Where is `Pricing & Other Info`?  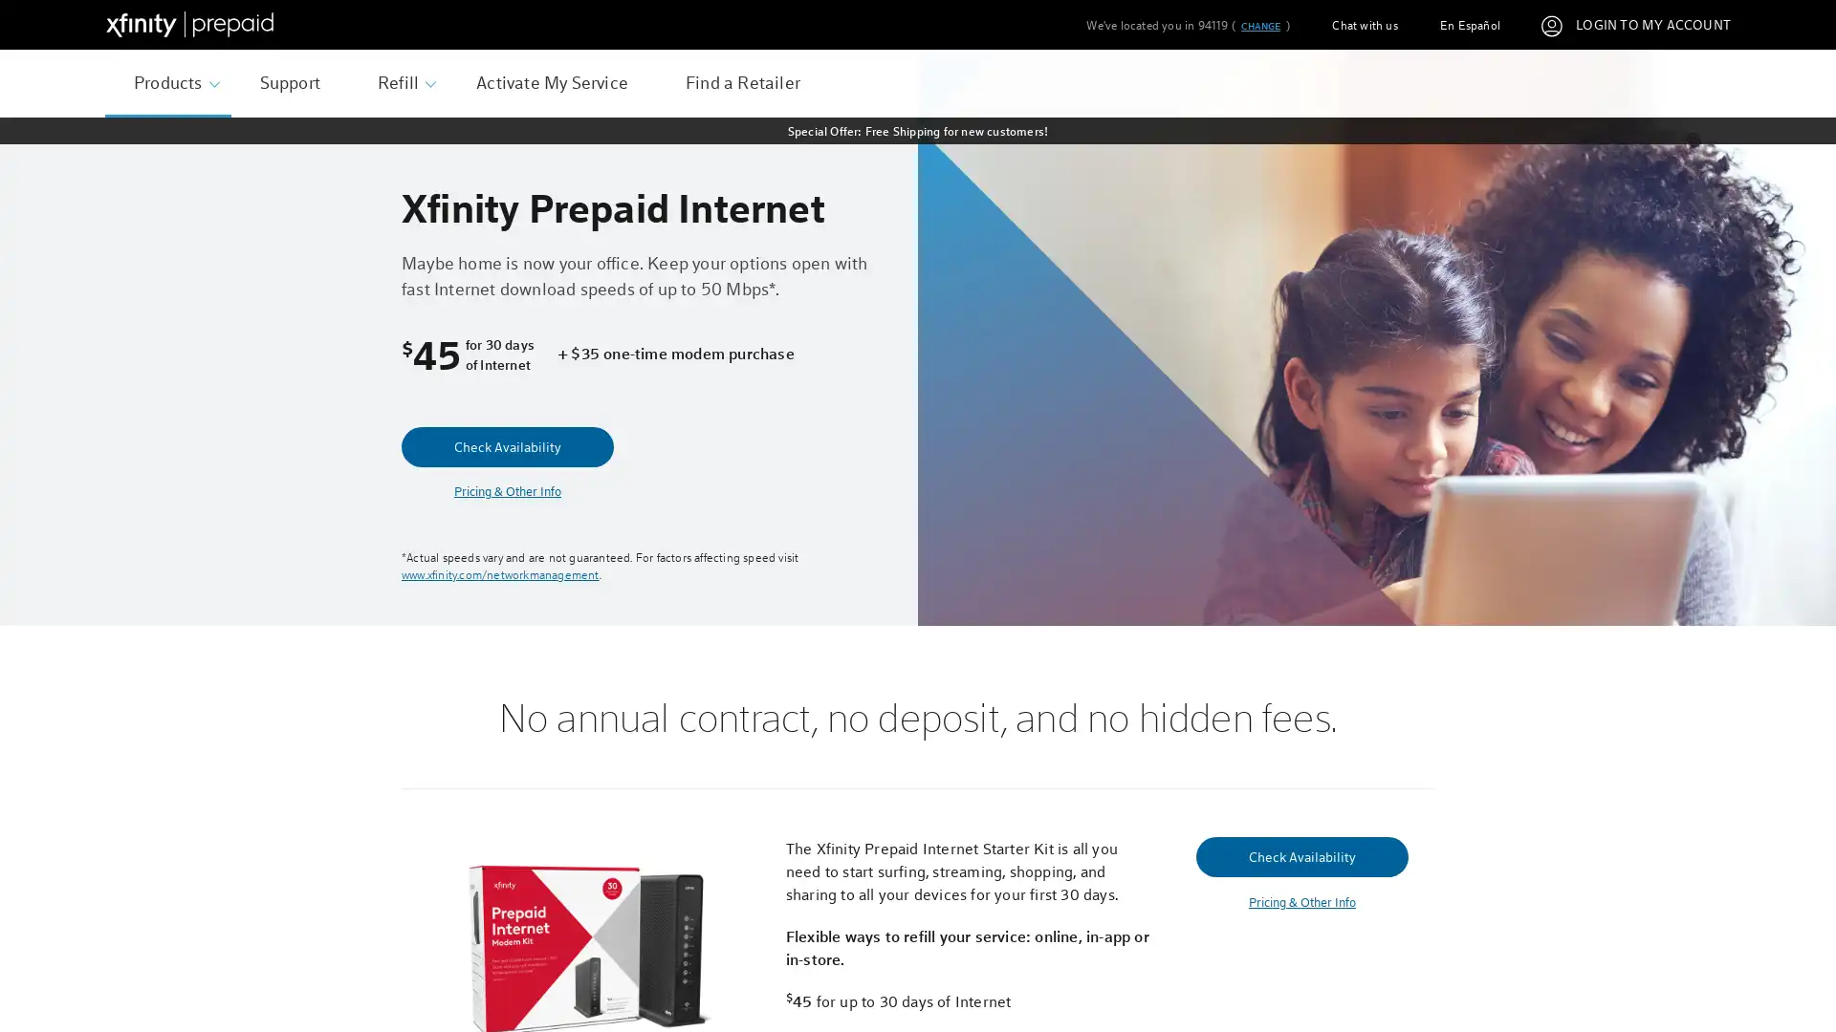 Pricing & Other Info is located at coordinates (1300, 902).